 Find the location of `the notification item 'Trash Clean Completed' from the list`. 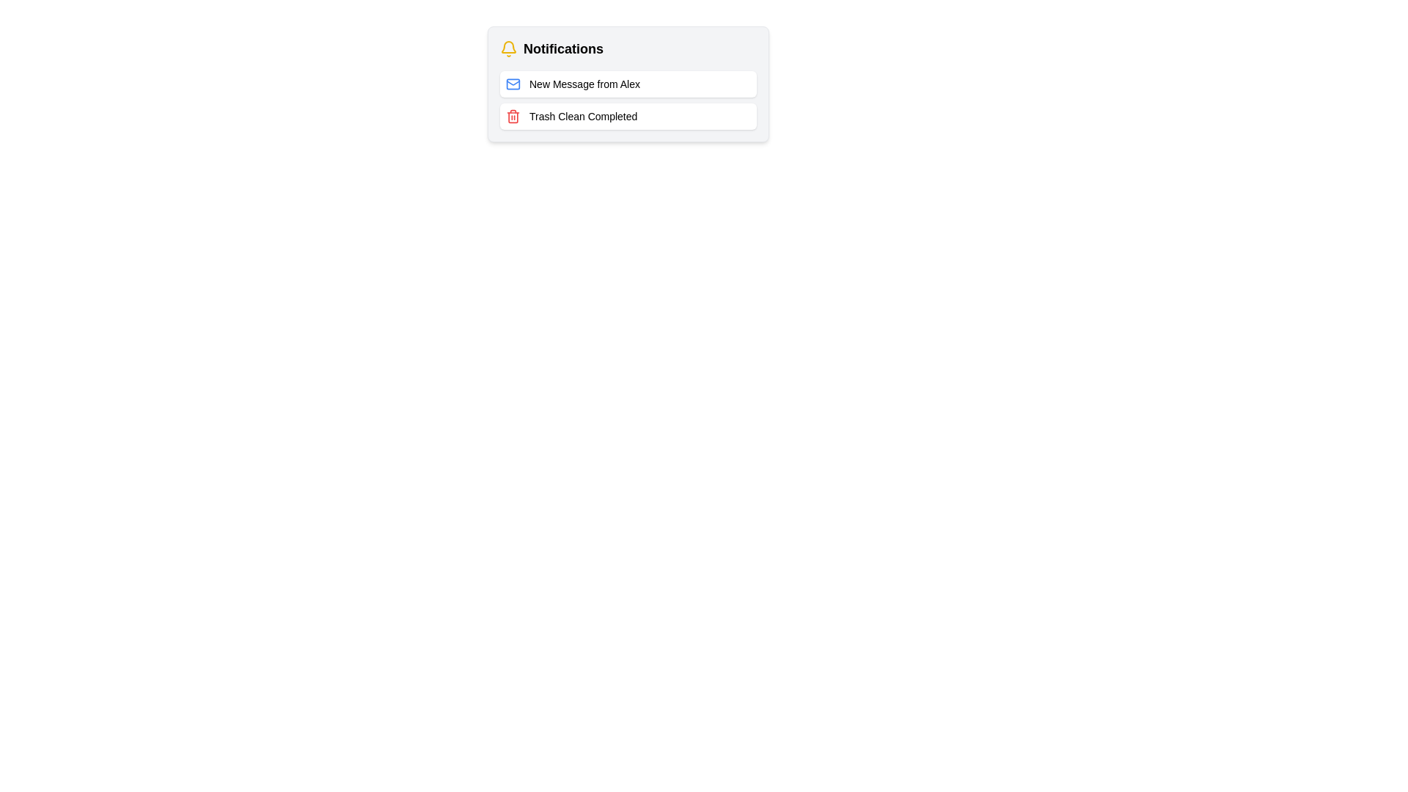

the notification item 'Trash Clean Completed' from the list is located at coordinates (628, 115).